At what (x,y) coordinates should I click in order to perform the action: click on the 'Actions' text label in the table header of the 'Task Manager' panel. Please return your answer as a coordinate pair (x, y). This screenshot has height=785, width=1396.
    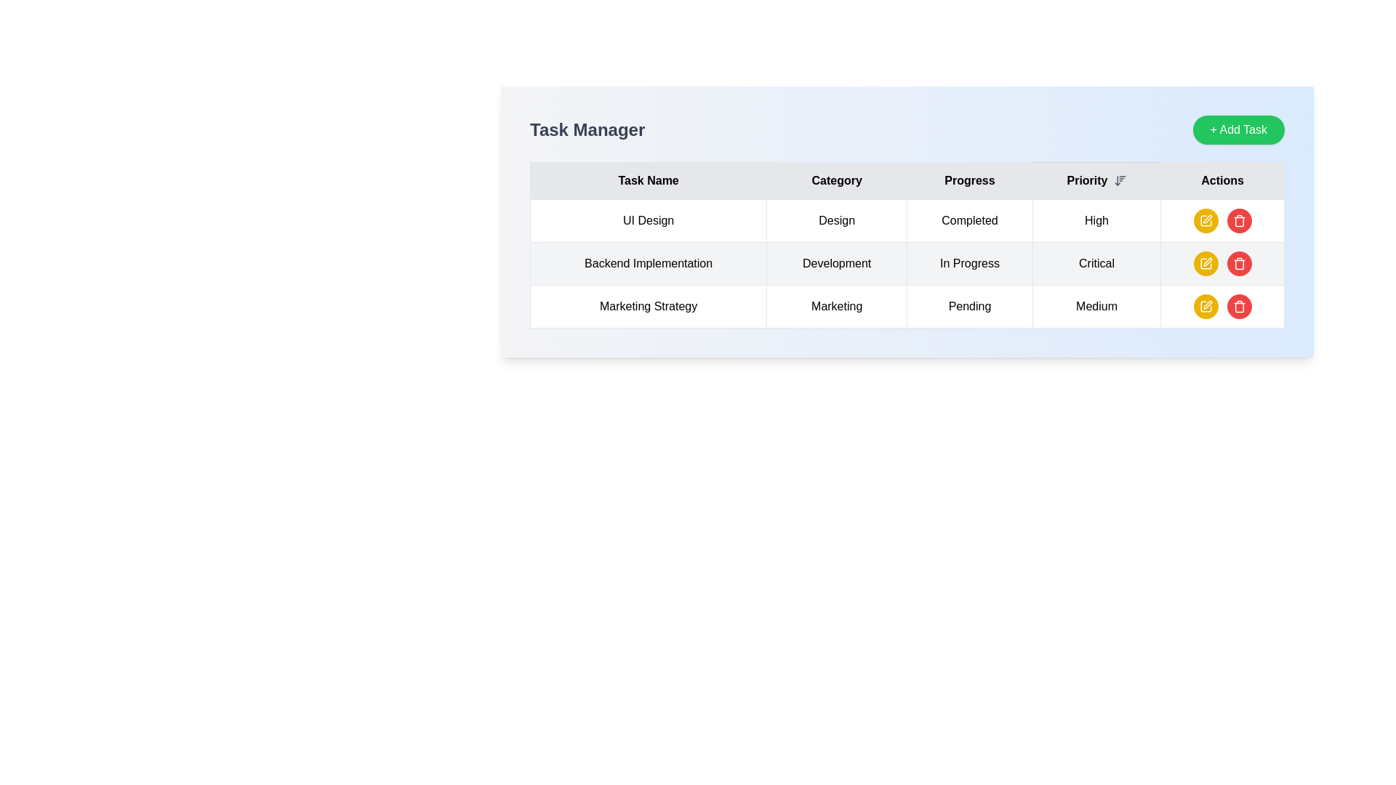
    Looking at the image, I should click on (1221, 180).